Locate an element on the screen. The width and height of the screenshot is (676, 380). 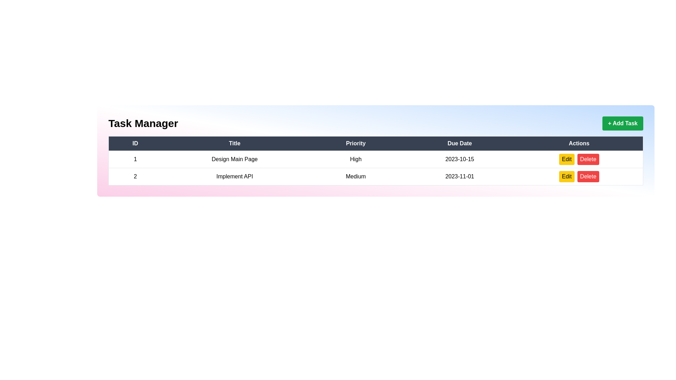
the text element displaying '2023-10-15' in the 'Due Date' column of the task 'Design Main Page' is located at coordinates (459, 159).